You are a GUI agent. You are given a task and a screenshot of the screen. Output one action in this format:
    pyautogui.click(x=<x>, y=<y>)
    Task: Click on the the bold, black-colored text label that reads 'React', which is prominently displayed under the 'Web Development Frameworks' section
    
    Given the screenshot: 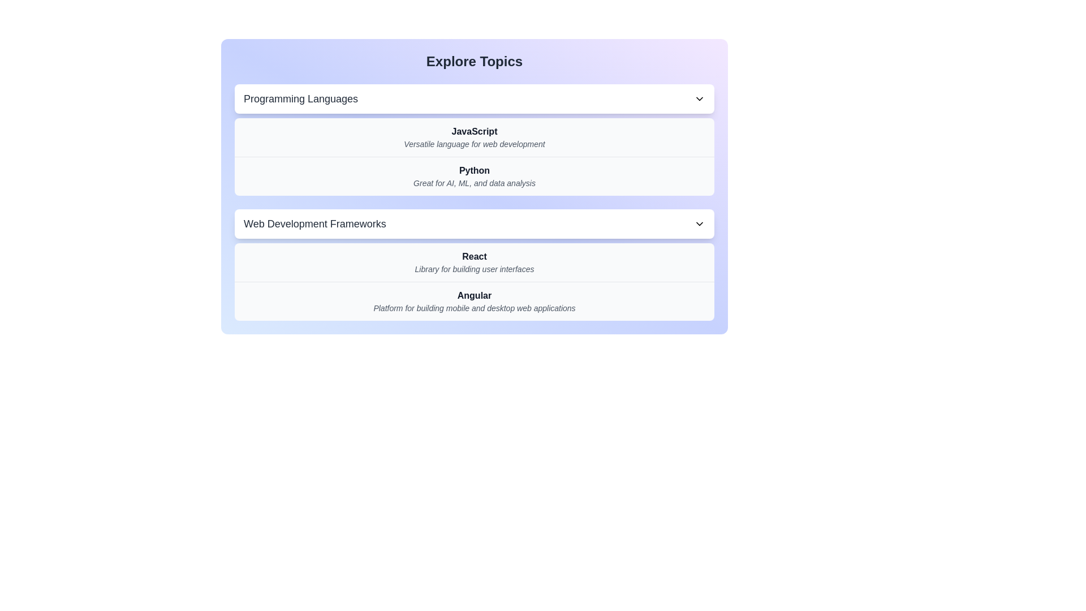 What is the action you would take?
    pyautogui.click(x=475, y=257)
    